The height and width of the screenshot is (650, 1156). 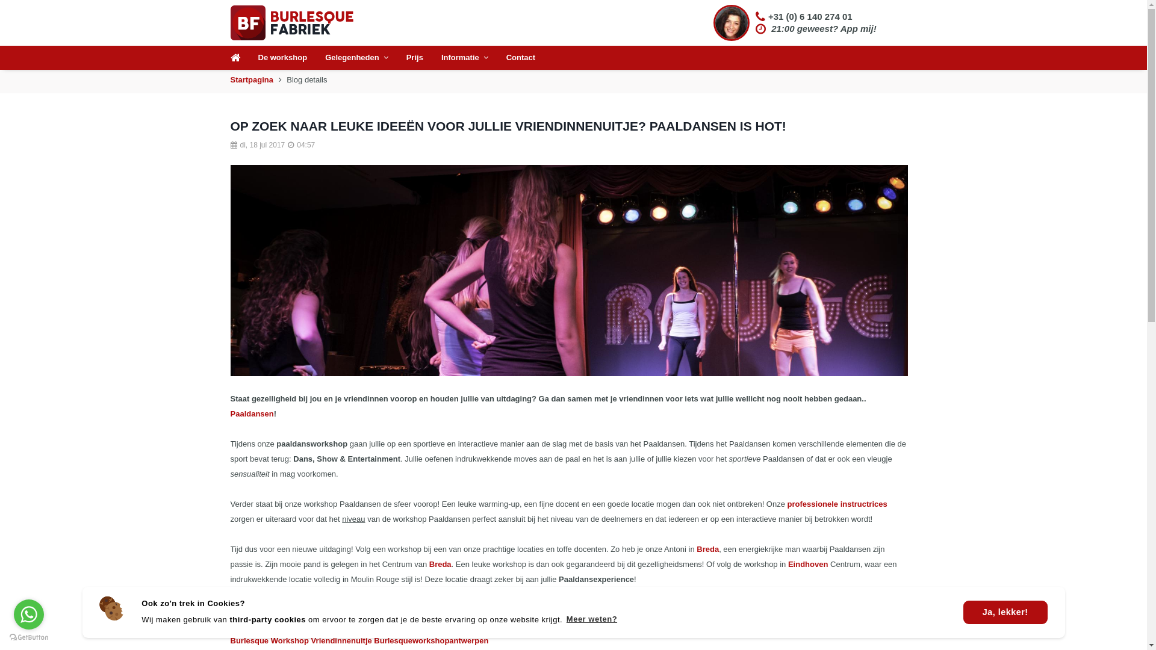 I want to click on 'Meer weten?', so click(x=591, y=619).